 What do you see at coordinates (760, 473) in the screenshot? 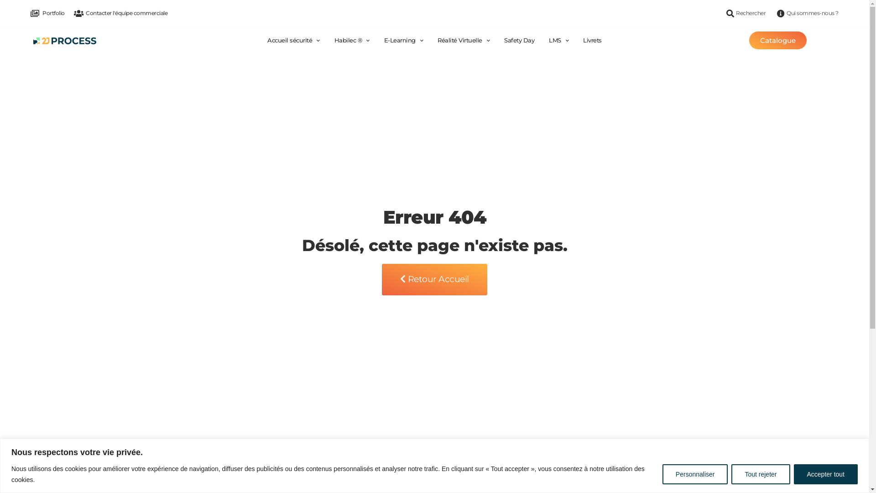
I see `'Tout rejeter'` at bounding box center [760, 473].